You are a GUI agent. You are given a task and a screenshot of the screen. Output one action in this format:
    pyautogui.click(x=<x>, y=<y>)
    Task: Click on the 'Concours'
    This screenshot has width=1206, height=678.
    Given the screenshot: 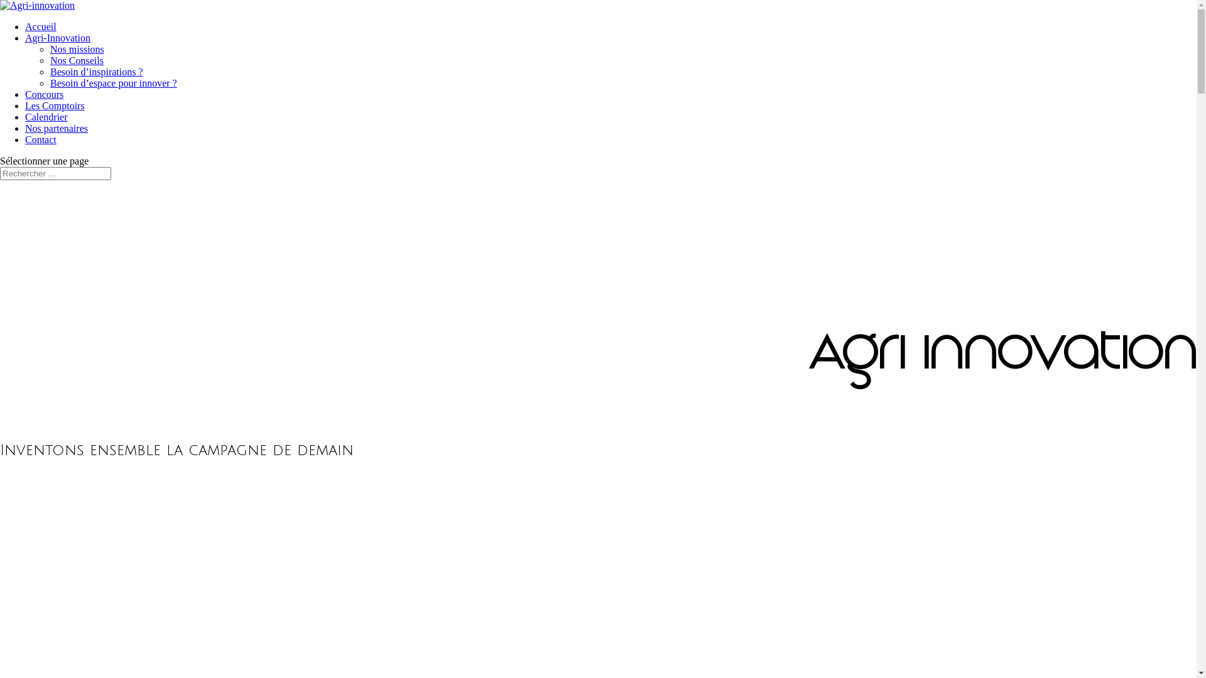 What is the action you would take?
    pyautogui.click(x=44, y=94)
    